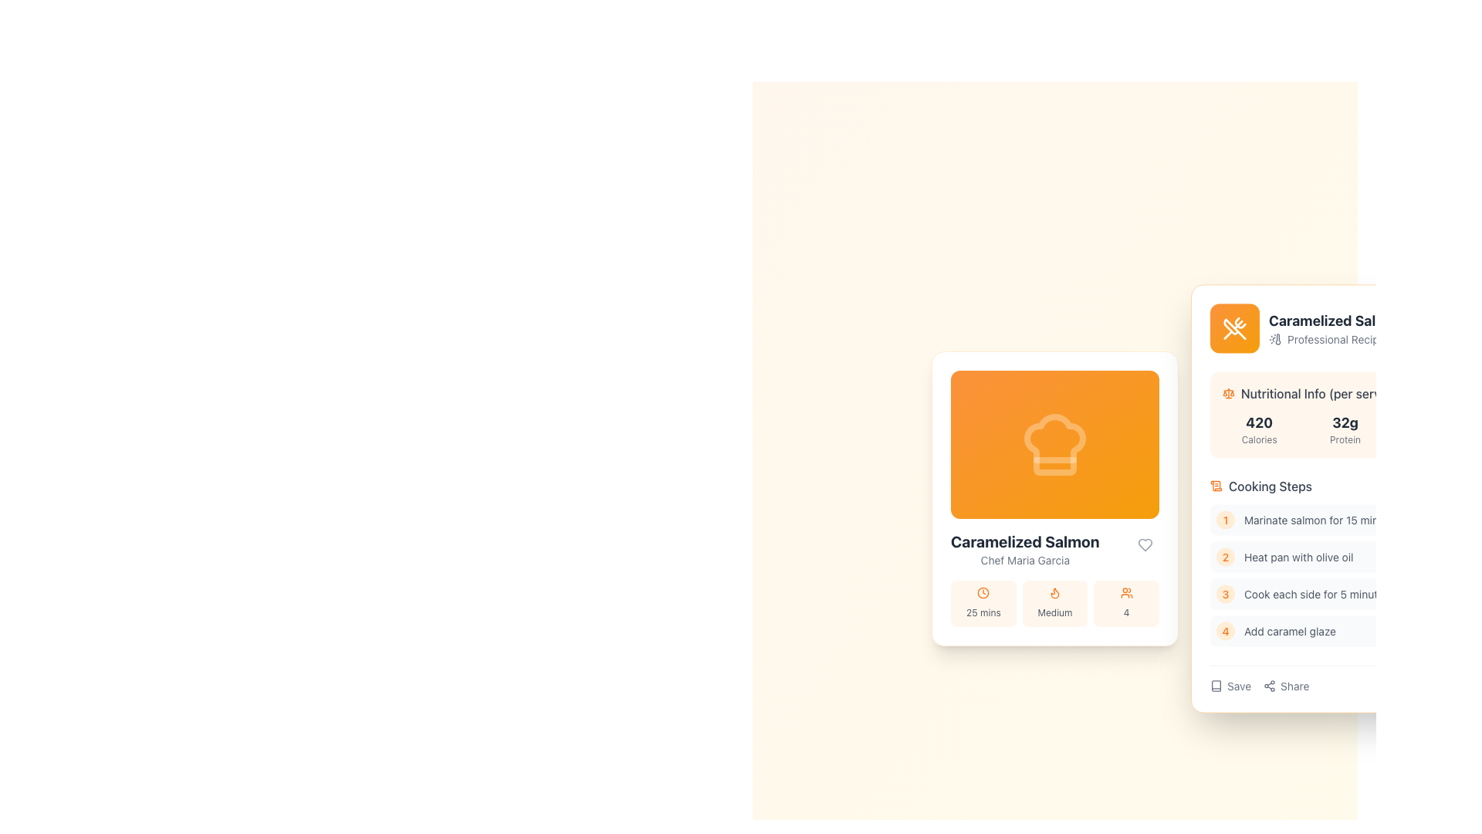 The height and width of the screenshot is (834, 1482). I want to click on the graphical icon representing nutritional information located in the header section titled 'Nutritional Info (per serving)', positioned to the left of the text, so click(1228, 392).